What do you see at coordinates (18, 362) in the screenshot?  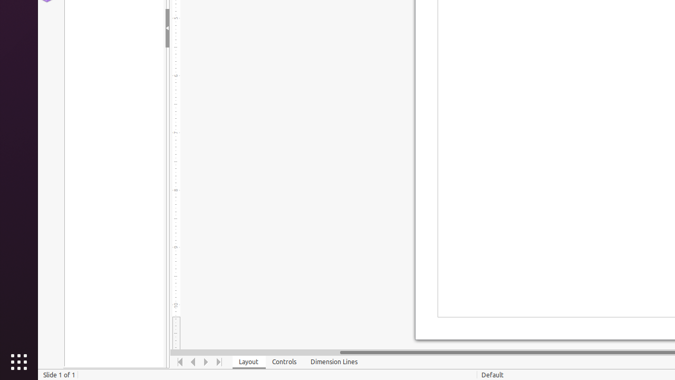 I see `'Show Applications'` at bounding box center [18, 362].